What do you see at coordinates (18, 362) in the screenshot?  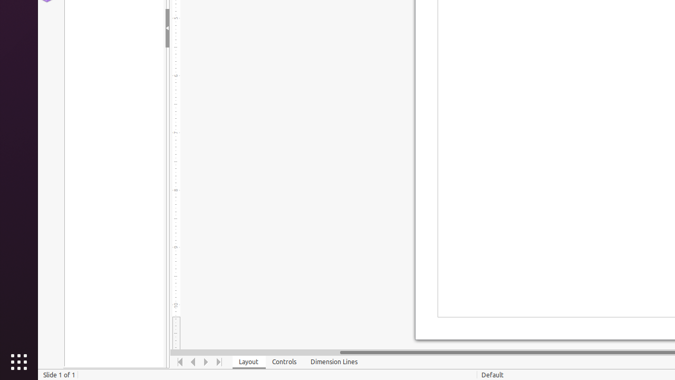 I see `'Show Applications'` at bounding box center [18, 362].